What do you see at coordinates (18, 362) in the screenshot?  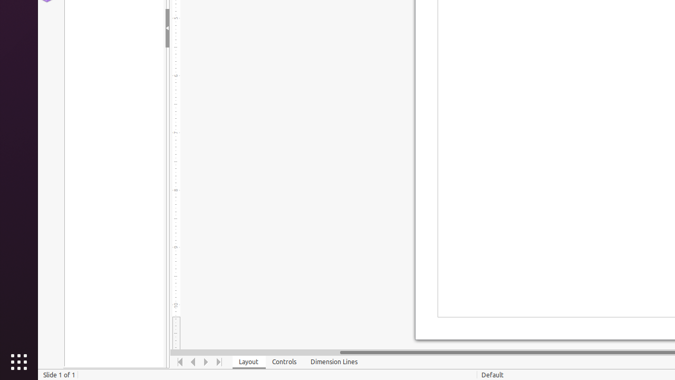 I see `'Show Applications'` at bounding box center [18, 362].